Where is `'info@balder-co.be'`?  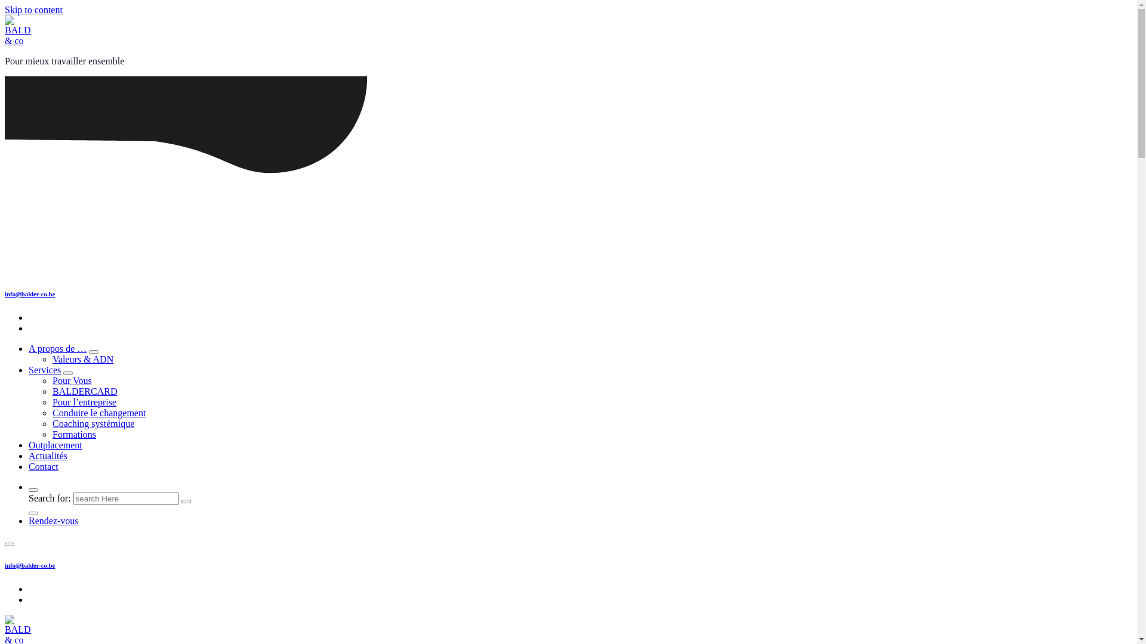 'info@balder-co.be' is located at coordinates (29, 294).